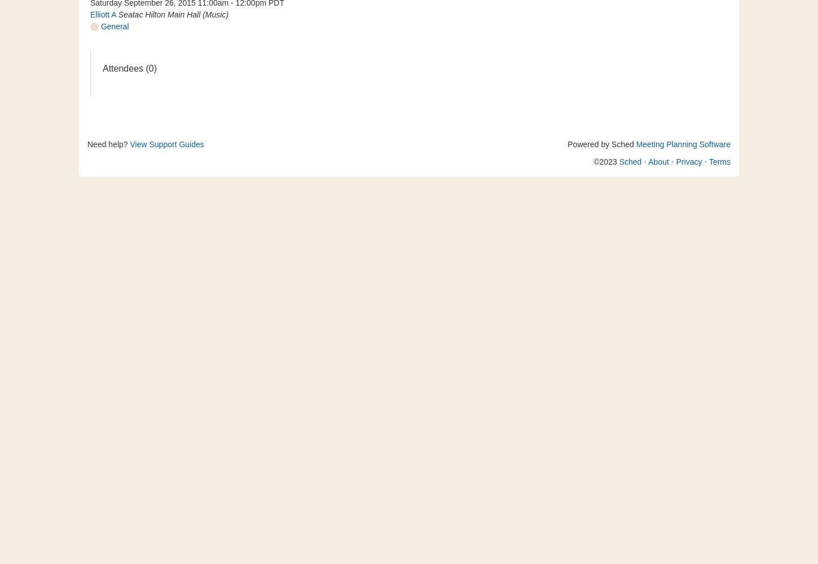 The image size is (818, 564). Describe the element at coordinates (98, 27) in the screenshot. I see `'General'` at that location.